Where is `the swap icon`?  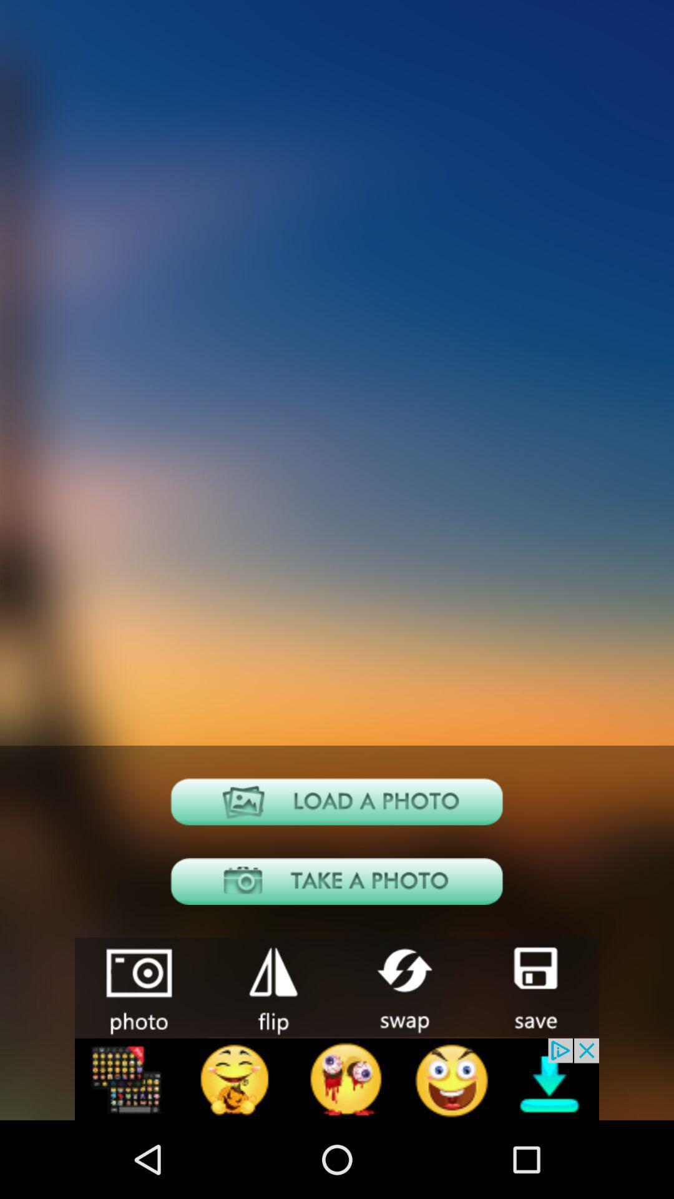 the swap icon is located at coordinates (402, 1056).